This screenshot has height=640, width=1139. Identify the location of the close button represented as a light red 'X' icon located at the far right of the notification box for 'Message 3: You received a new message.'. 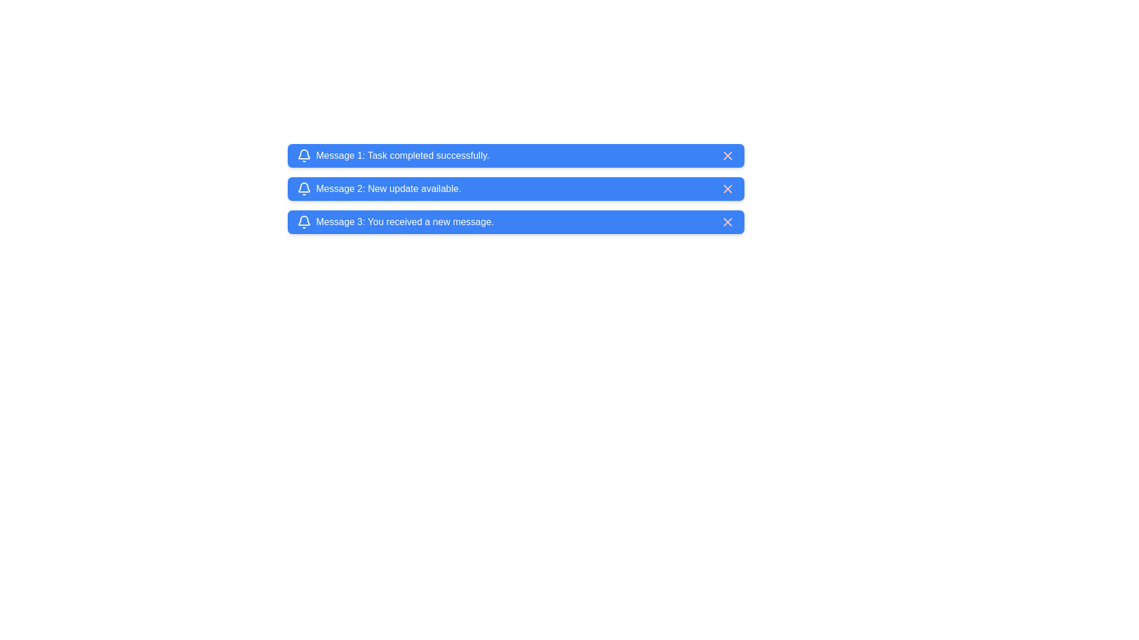
(727, 222).